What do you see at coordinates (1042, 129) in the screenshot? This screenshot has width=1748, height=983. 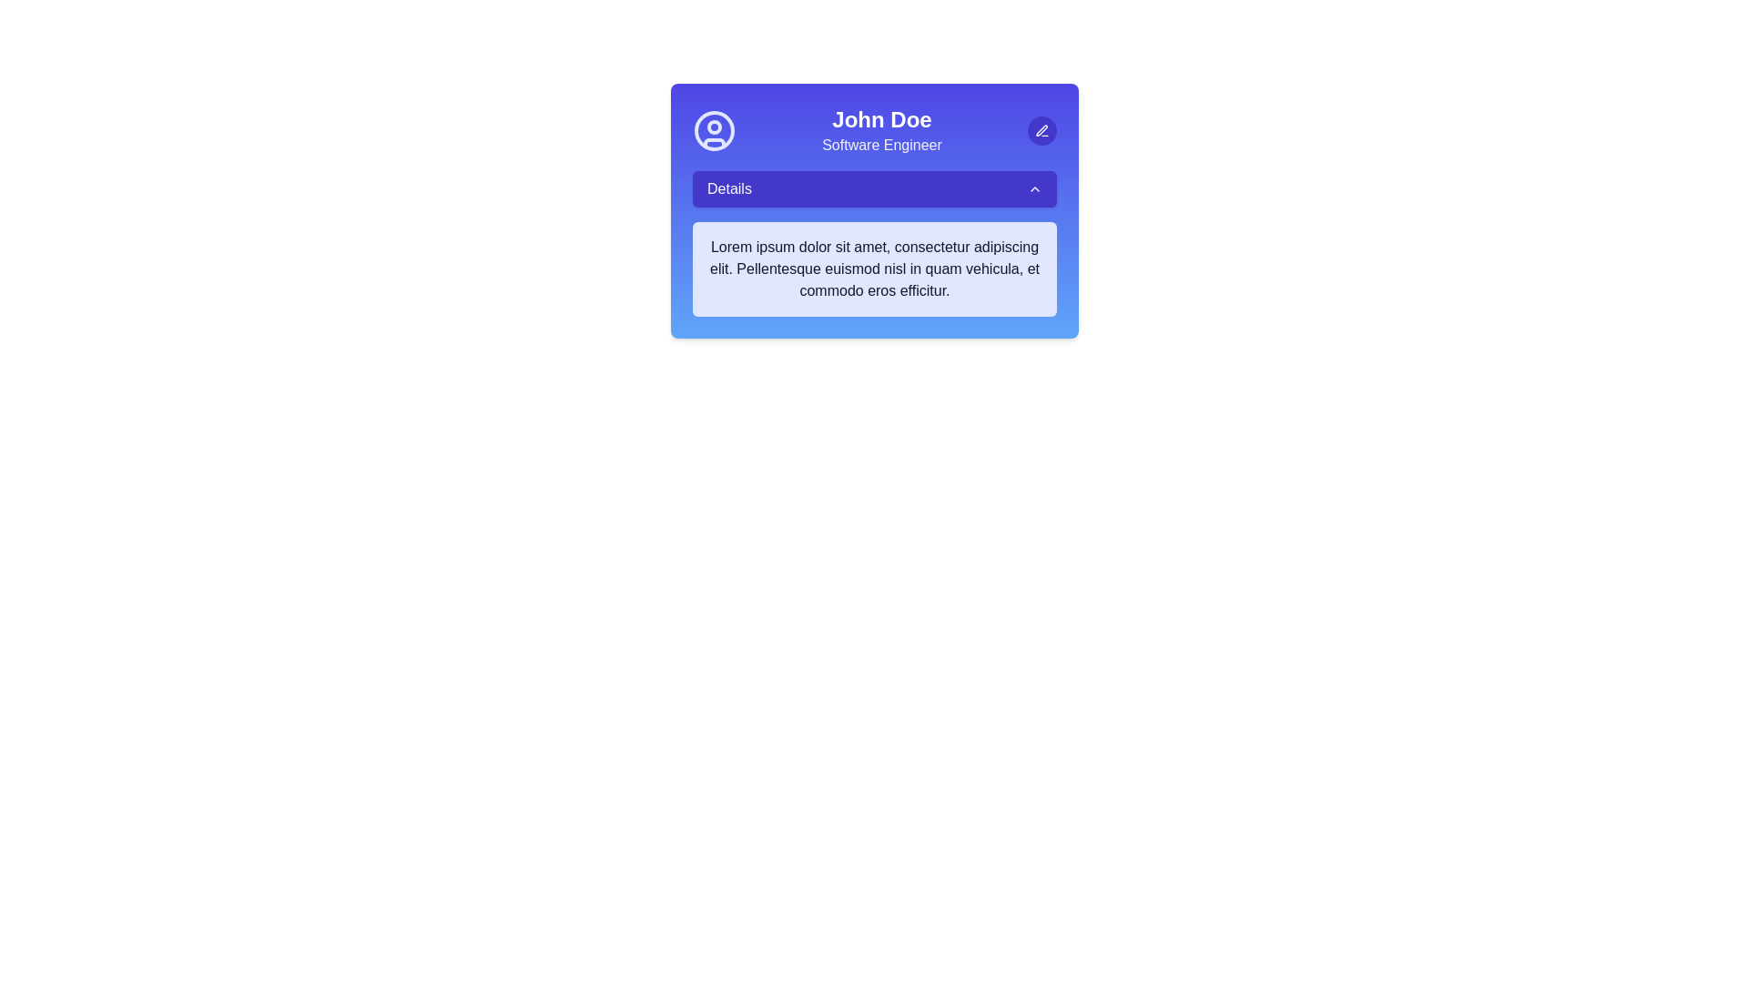 I see `the stylized pen icon located at the top-right corner of the user card section` at bounding box center [1042, 129].